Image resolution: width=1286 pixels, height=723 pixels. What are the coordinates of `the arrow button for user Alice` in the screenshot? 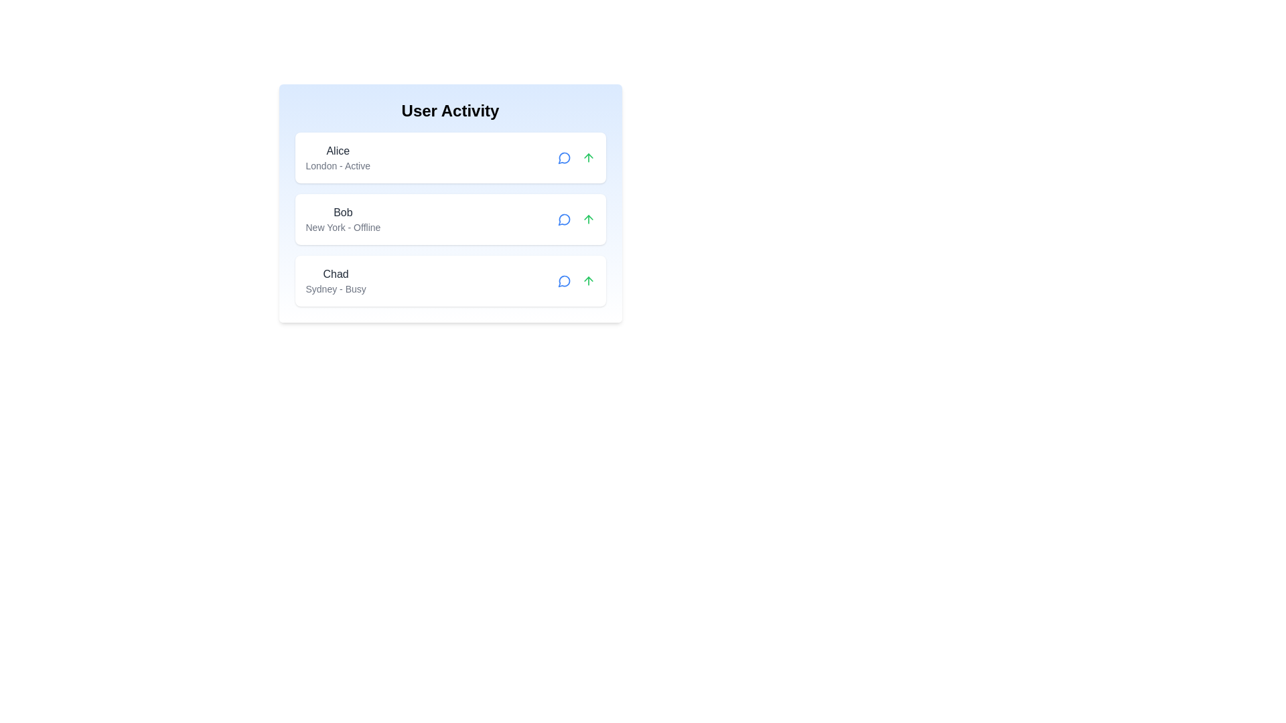 It's located at (588, 157).